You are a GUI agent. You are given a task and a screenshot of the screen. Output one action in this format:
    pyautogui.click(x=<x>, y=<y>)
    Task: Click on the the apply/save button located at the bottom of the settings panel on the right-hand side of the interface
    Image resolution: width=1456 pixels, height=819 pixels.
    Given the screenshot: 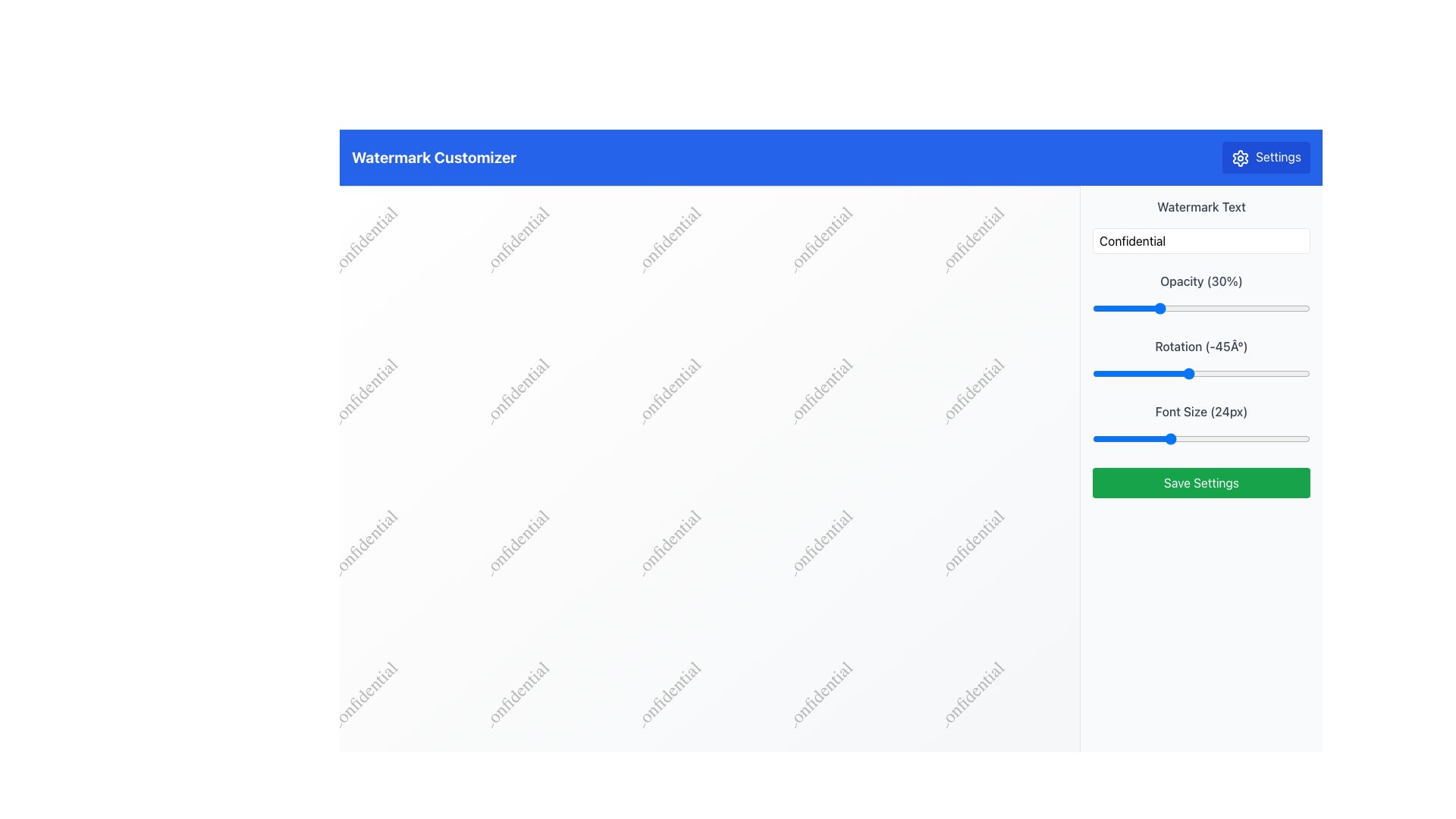 What is the action you would take?
    pyautogui.click(x=1200, y=482)
    